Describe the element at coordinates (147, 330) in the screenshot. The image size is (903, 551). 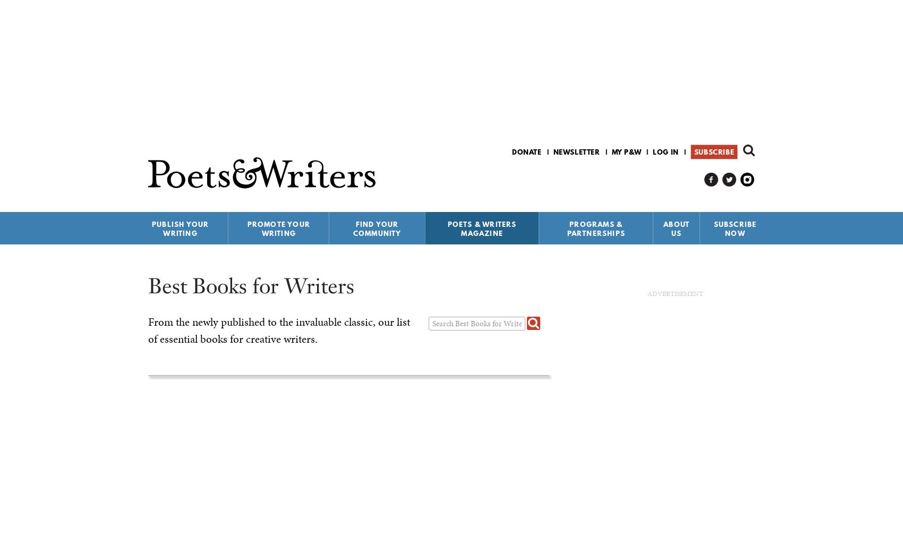
I see `'From the newly published to the invaluable classic, our list of essential books for creative writers.'` at that location.